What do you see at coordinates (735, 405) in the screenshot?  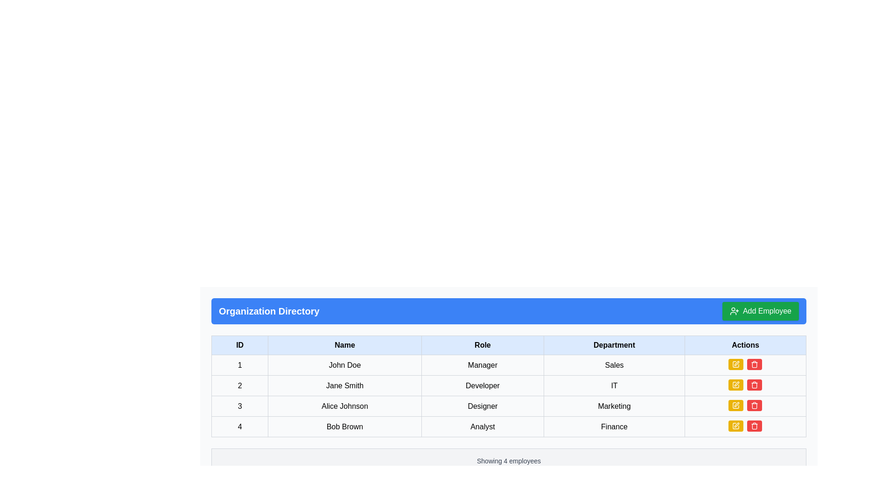 I see `the yellow rounded rectangular button with a white pen icon to initiate edit mode for the Marketing department` at bounding box center [735, 405].